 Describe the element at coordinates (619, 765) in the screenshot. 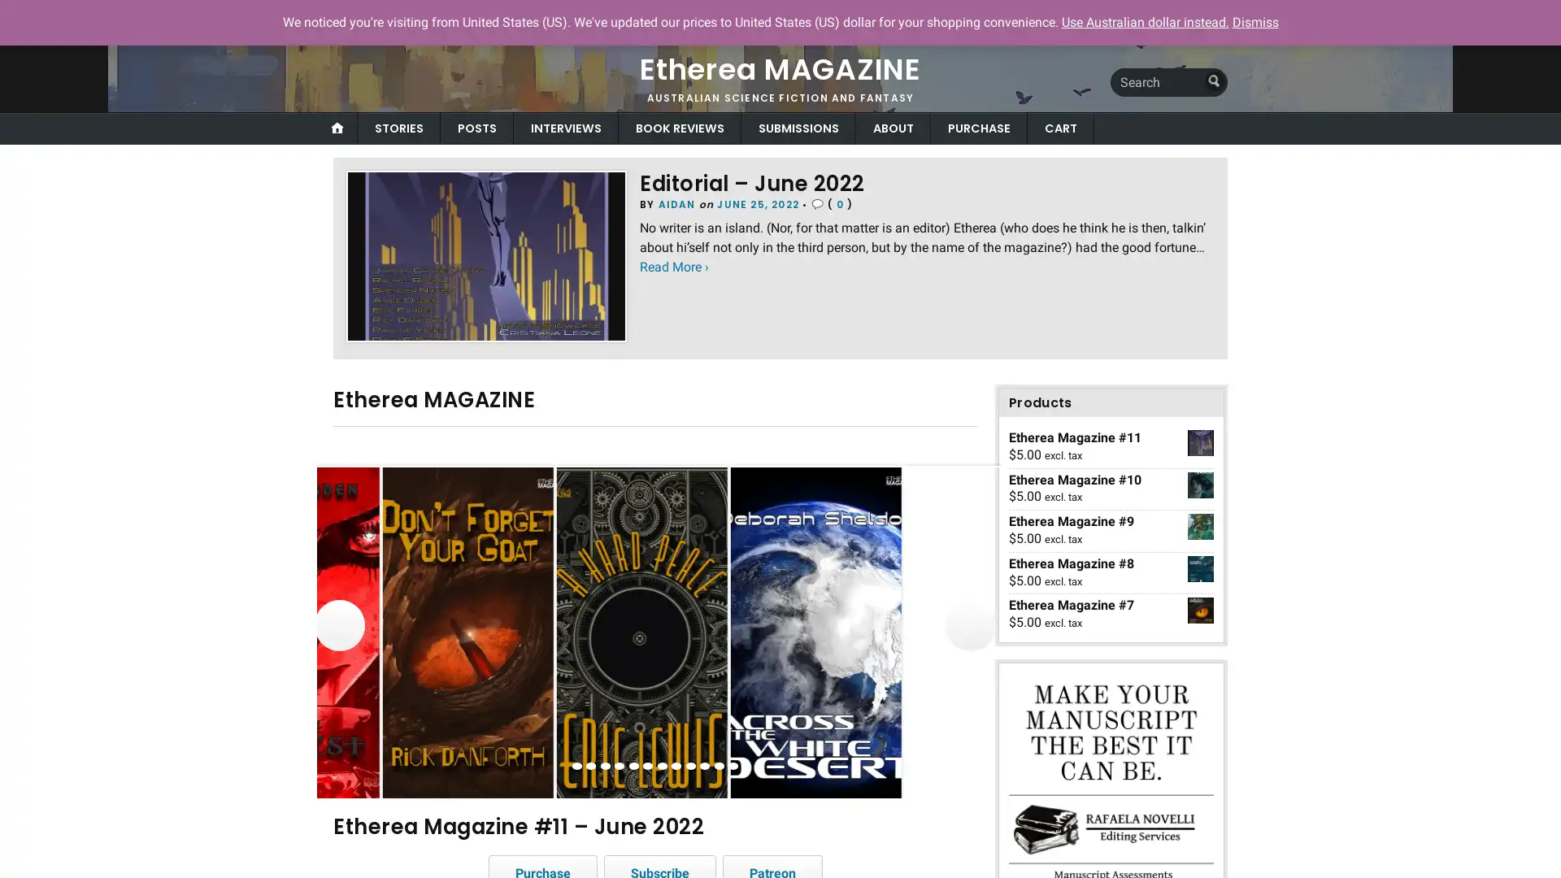

I see `view image 4 of 12 in carousel` at that location.